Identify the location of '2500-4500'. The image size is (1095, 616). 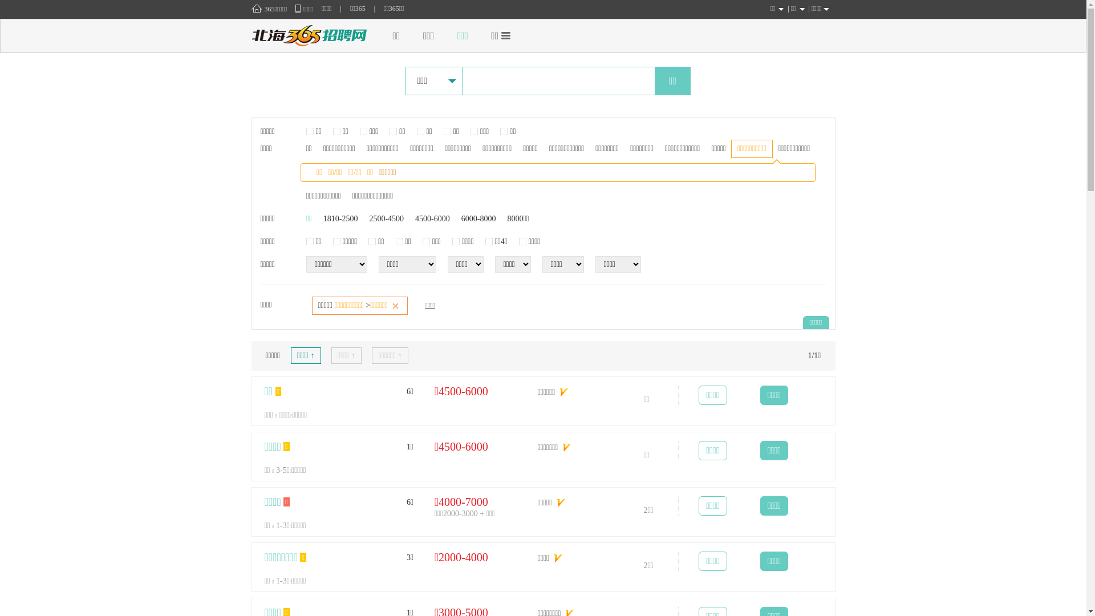
(369, 218).